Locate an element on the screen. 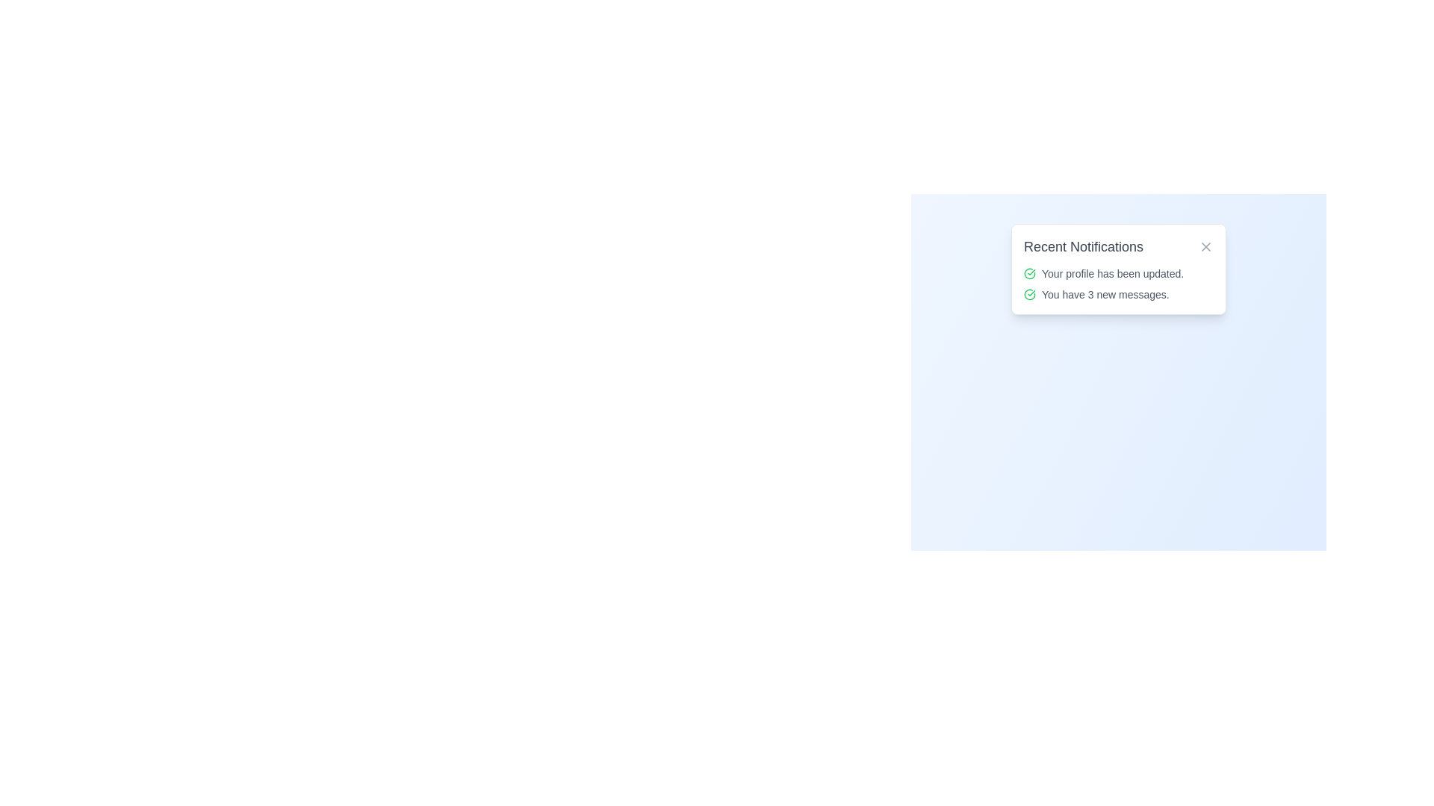  the green checkmark icon inside a circle that indicates a successful status, located to the left of the notification text 'Your profile has been updated.' in the 'Recent Notifications' panel is located at coordinates (1028, 273).